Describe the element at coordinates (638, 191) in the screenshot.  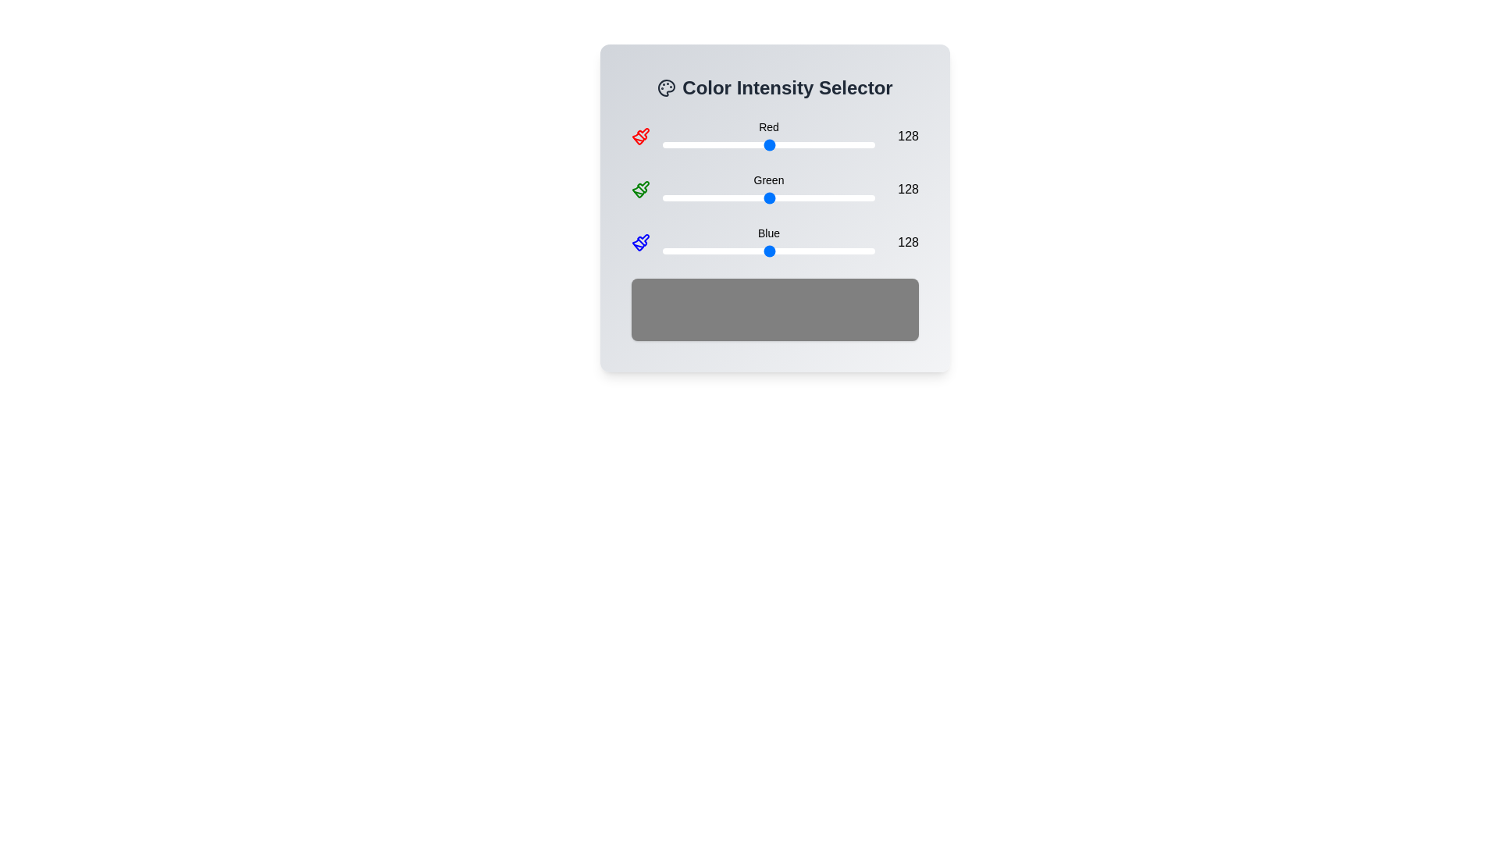
I see `the green-colored paintbrush icon located to the left of the label 'Green' in the Color Intensity Selector interface` at that location.